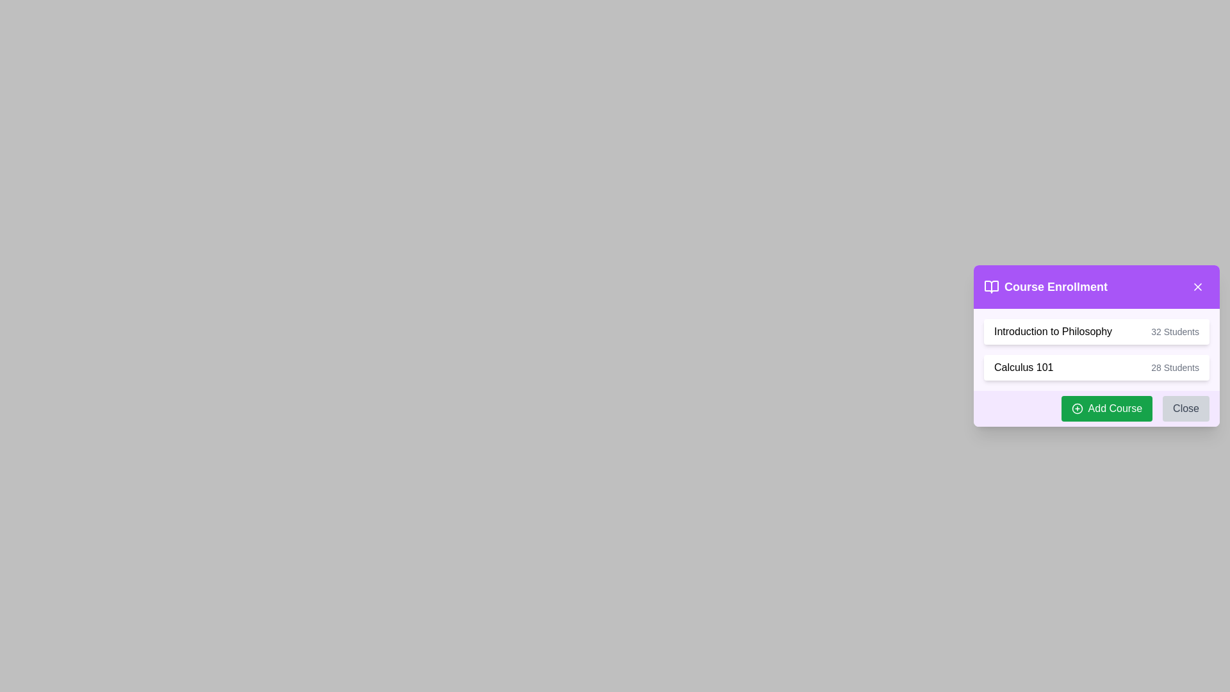  What do you see at coordinates (1175, 331) in the screenshot?
I see `the Text display indicating the number of students currently enrolled in the 'Introduction to Philosophy' course, located to the right of the course title within the 'Course Enrollment' interface` at bounding box center [1175, 331].